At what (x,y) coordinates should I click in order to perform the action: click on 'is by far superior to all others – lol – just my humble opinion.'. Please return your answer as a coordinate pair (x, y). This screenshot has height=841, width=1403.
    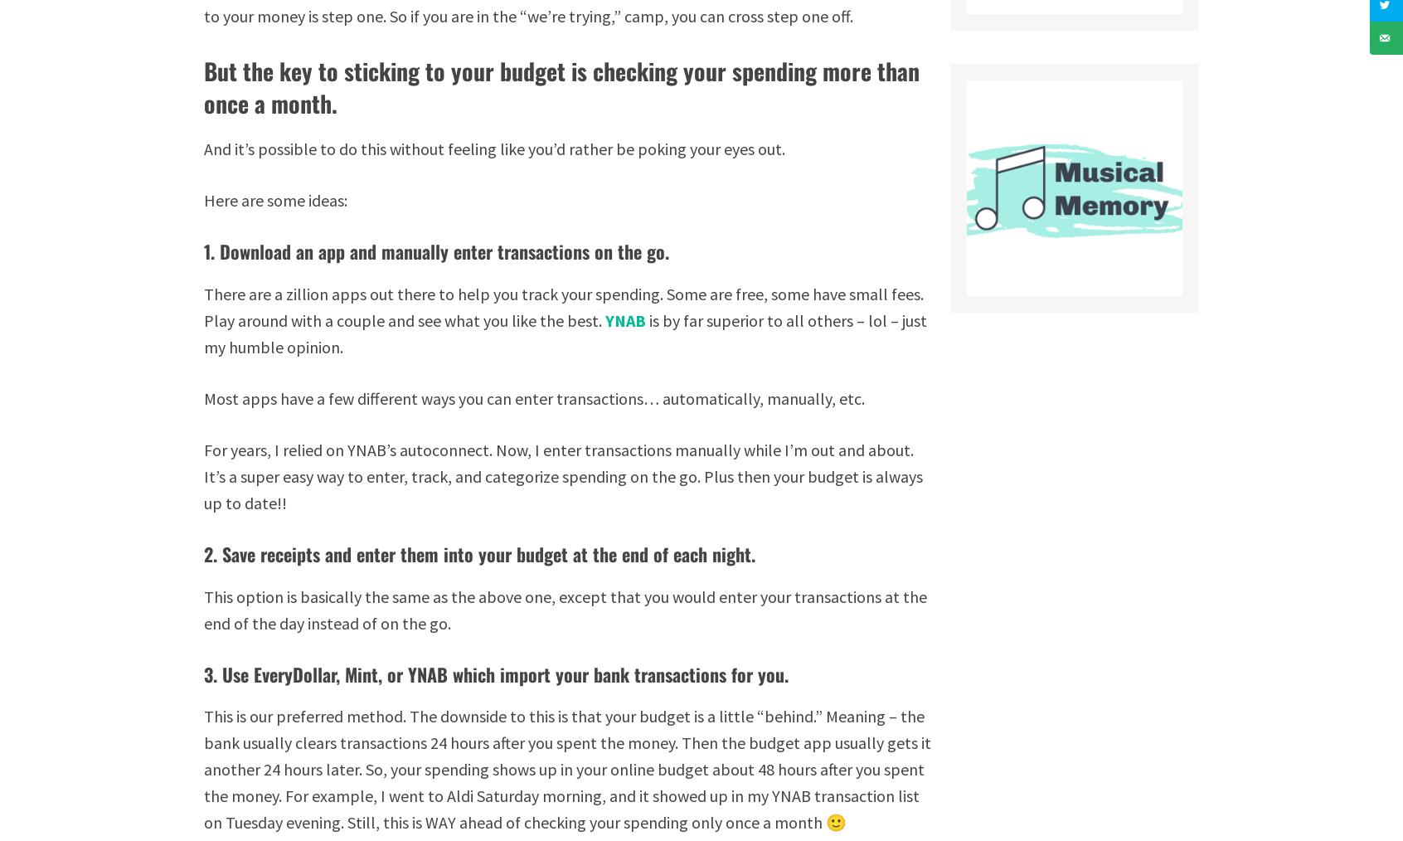
    Looking at the image, I should click on (204, 332).